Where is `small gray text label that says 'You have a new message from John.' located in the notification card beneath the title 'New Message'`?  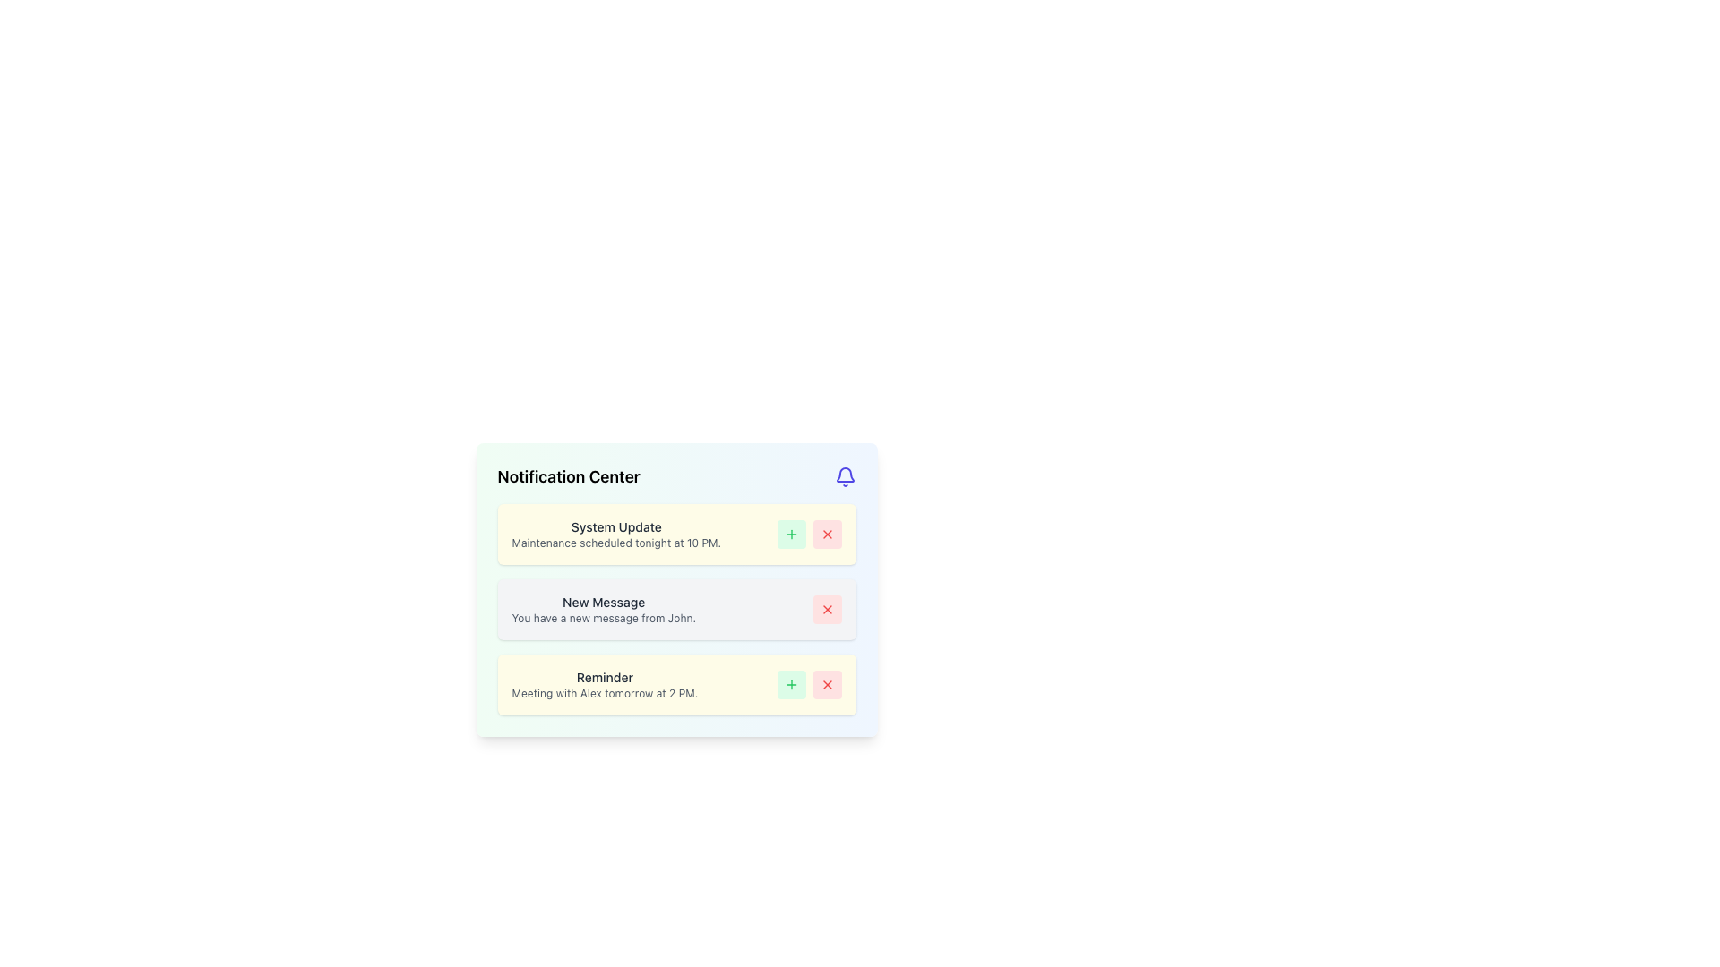 small gray text label that says 'You have a new message from John.' located in the notification card beneath the title 'New Message' is located at coordinates (604, 617).